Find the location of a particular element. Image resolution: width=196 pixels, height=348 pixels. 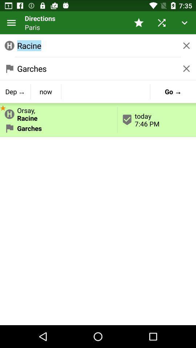

the app above orsay, is located at coordinates (46, 91).